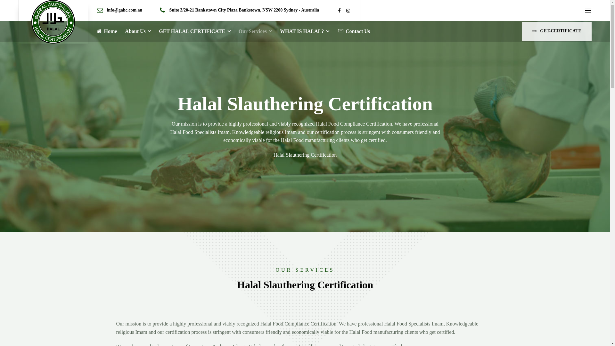  What do you see at coordinates (53, 21) in the screenshot?
I see `'GAHC'` at bounding box center [53, 21].